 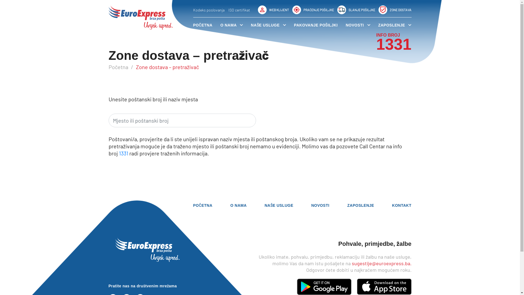 I want to click on 'KONTAKT', so click(x=402, y=205).